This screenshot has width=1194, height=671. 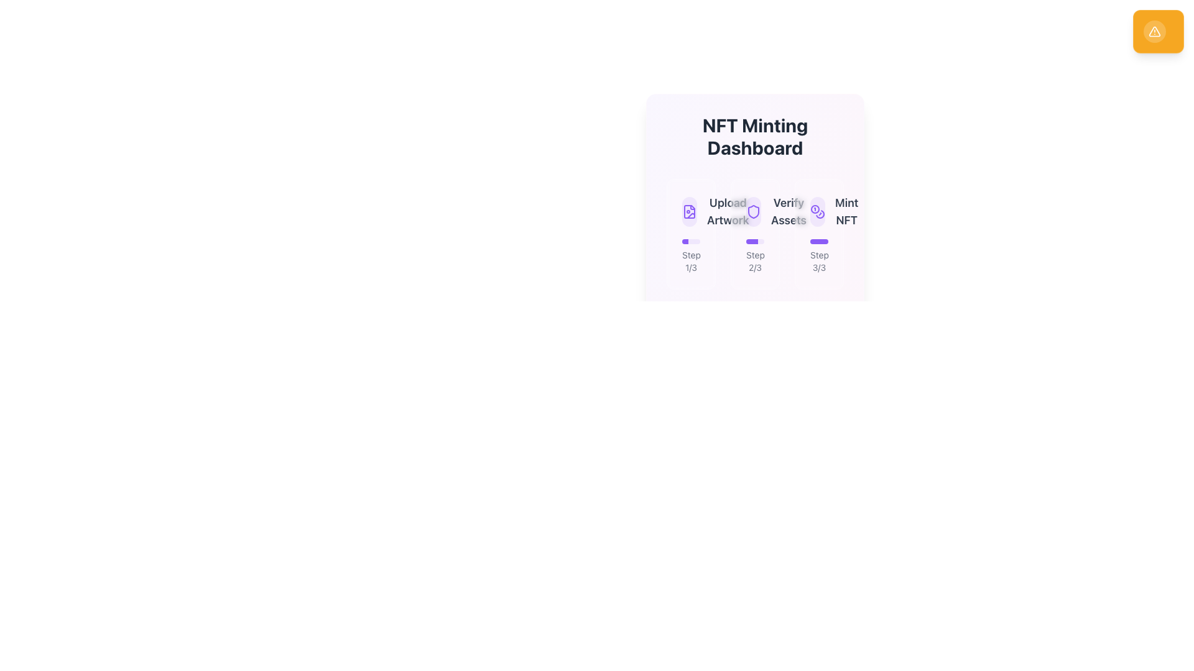 What do you see at coordinates (754, 234) in the screenshot?
I see `one of the cards in the grid layout under 'NFT Minting Dashboard'` at bounding box center [754, 234].